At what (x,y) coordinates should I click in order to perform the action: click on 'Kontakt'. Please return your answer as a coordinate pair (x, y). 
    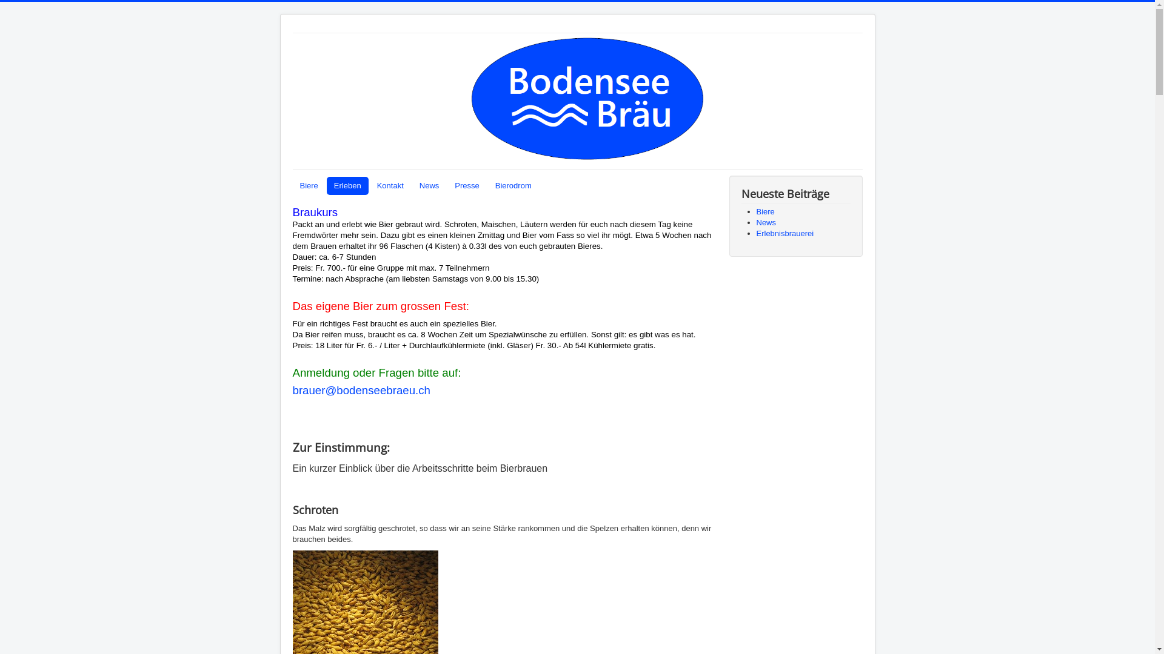
    Looking at the image, I should click on (390, 186).